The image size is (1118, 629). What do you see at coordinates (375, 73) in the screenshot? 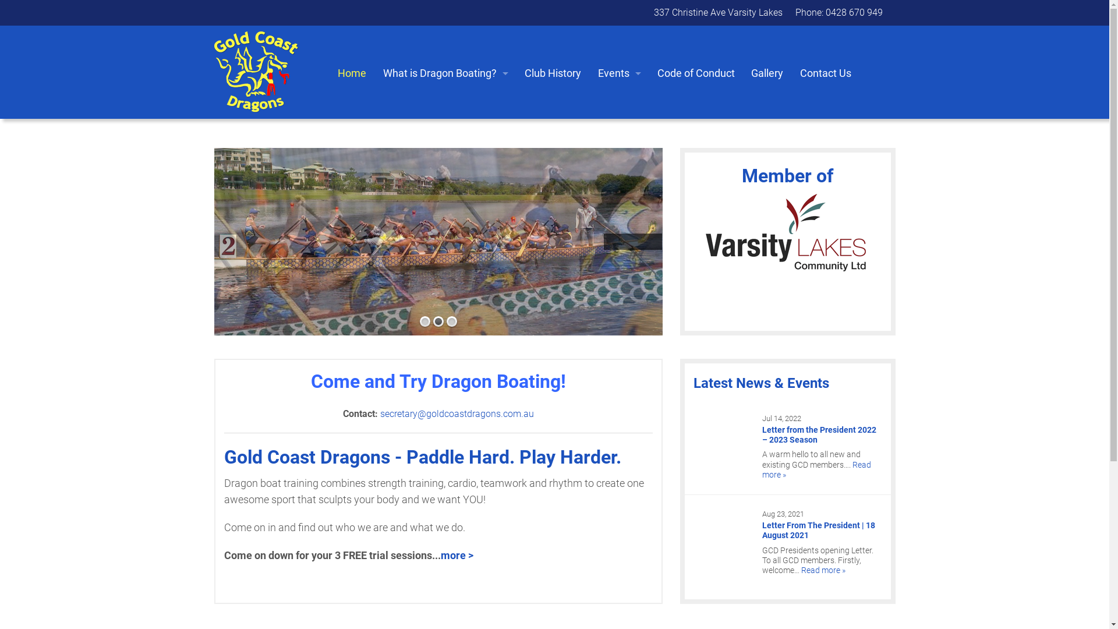
I see `'What is Dragon Boating?'` at bounding box center [375, 73].